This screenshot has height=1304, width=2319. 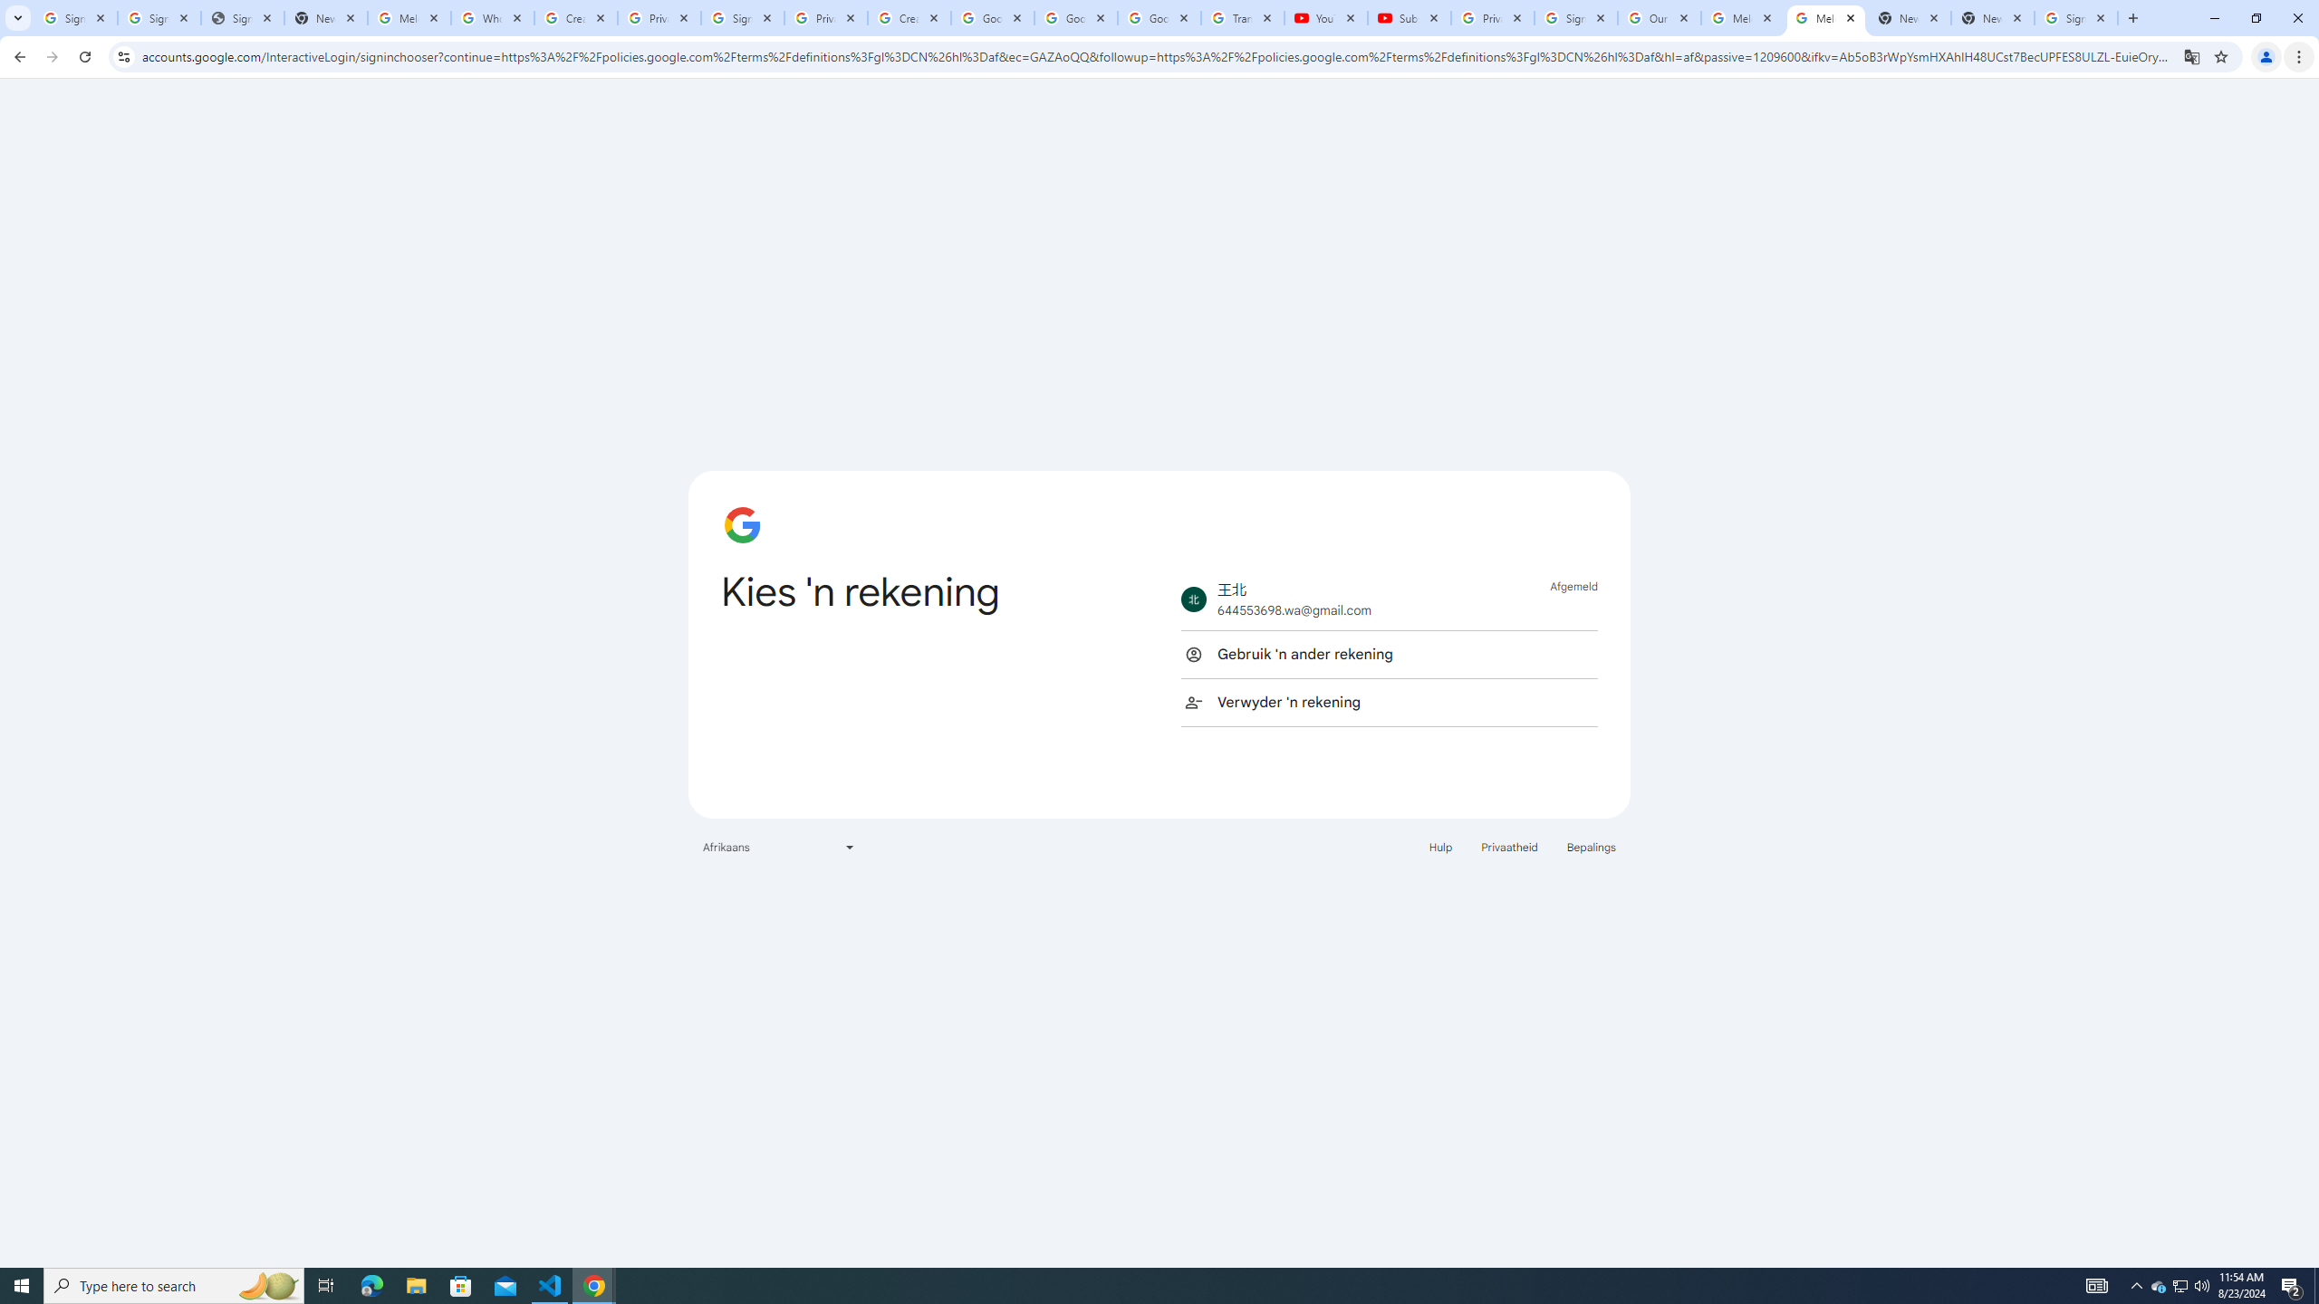 I want to click on 'Subscriptions - YouTube', so click(x=1408, y=17).